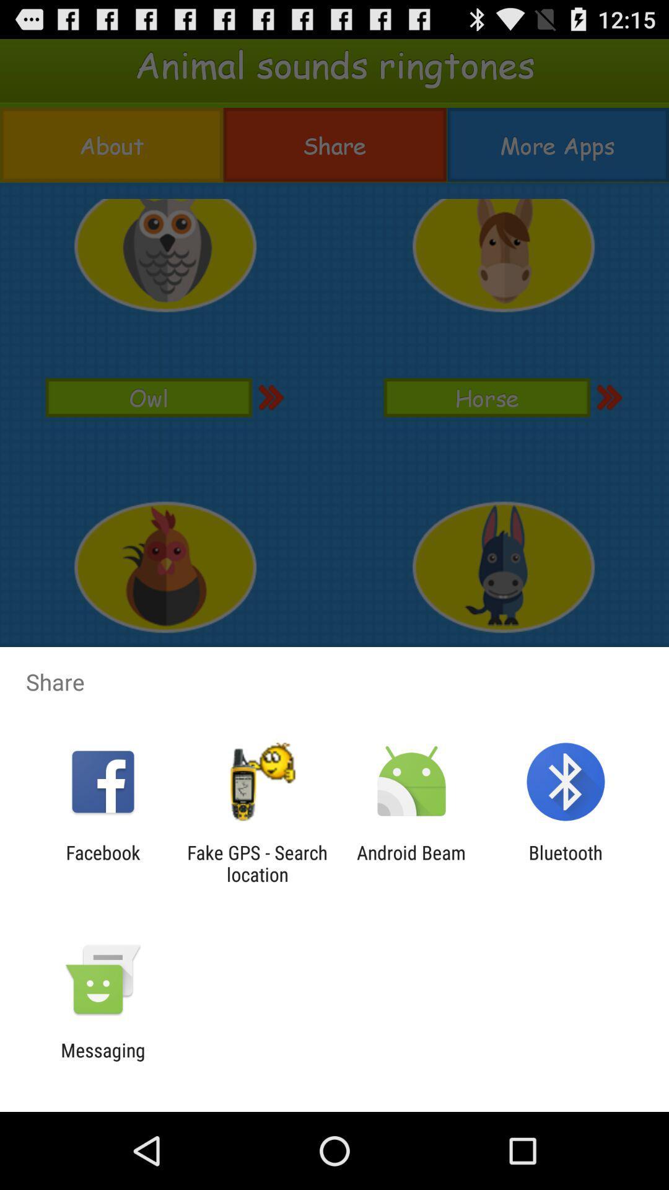  What do you see at coordinates (256, 863) in the screenshot?
I see `fake gps search icon` at bounding box center [256, 863].